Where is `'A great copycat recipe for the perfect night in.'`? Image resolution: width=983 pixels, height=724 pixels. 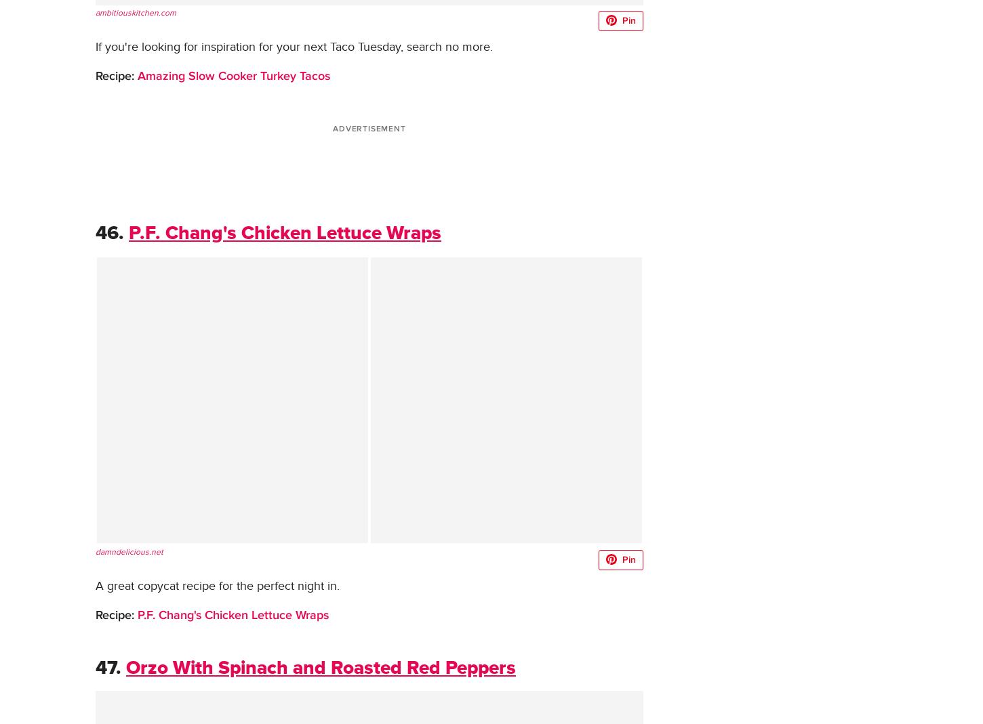 'A great copycat recipe for the perfect night in.' is located at coordinates (218, 584).